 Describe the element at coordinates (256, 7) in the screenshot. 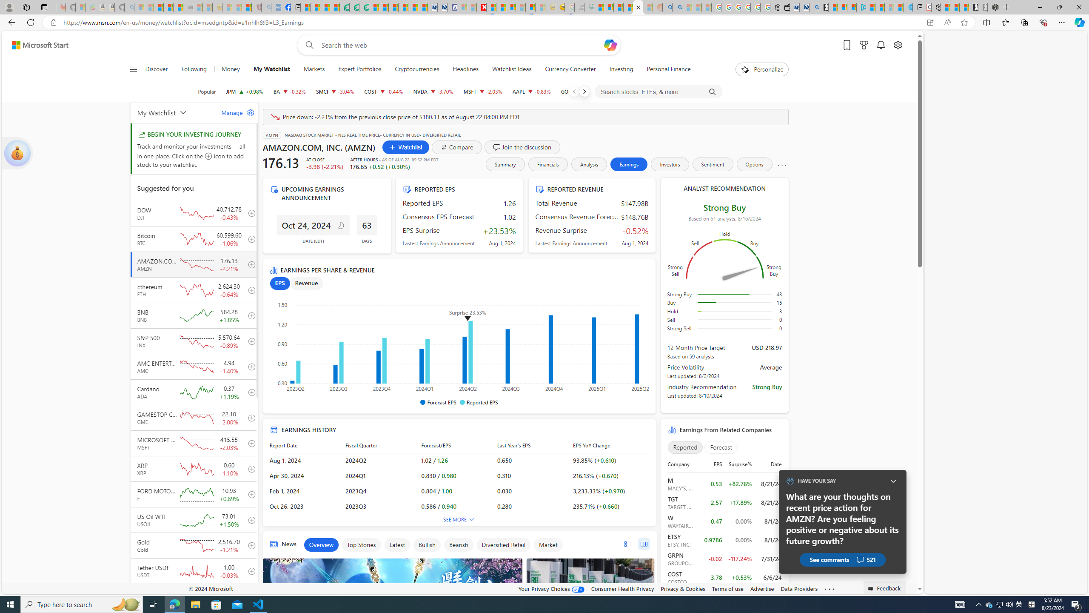

I see `'Robert H. Shmerling, MD - Harvard Health - Sleeping'` at that location.